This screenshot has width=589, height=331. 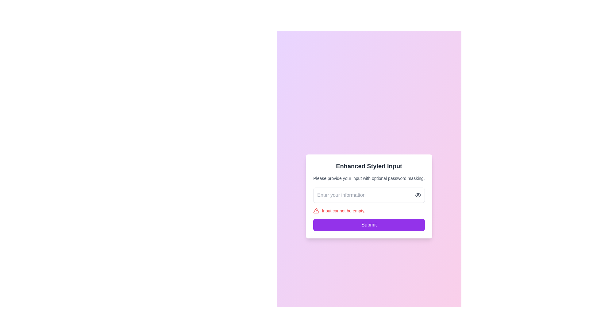 I want to click on the text label displaying the error message 'Input cannot be empty.', so click(x=343, y=210).